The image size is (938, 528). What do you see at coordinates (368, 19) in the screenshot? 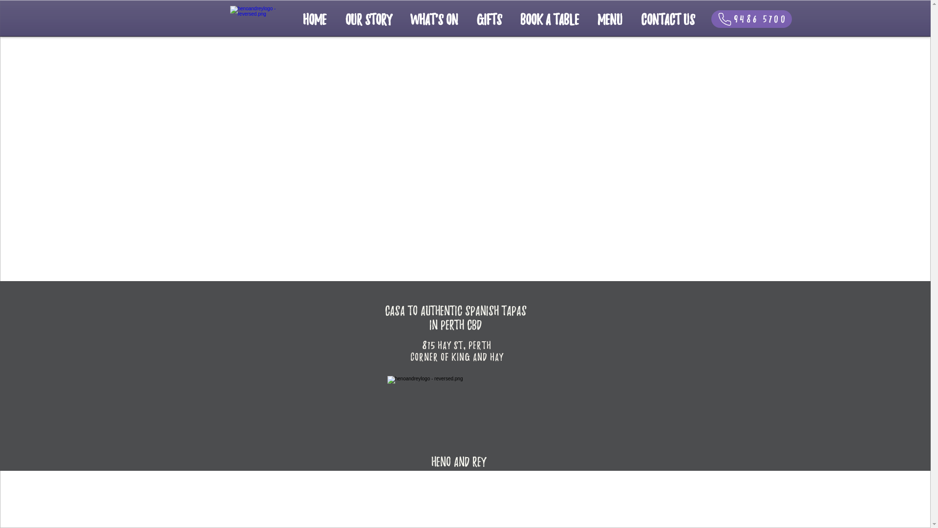
I see `'OUR STORY'` at bounding box center [368, 19].